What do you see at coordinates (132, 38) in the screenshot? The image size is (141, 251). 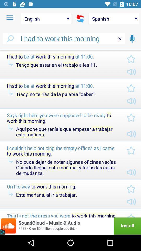 I see `switch to record` at bounding box center [132, 38].